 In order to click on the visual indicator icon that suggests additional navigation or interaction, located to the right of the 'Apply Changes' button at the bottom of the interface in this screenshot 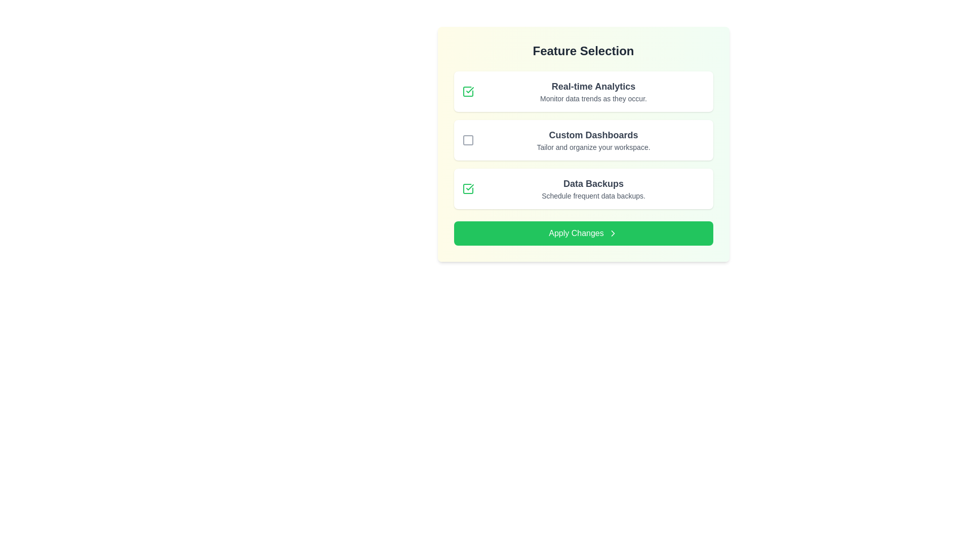, I will do `click(612, 233)`.